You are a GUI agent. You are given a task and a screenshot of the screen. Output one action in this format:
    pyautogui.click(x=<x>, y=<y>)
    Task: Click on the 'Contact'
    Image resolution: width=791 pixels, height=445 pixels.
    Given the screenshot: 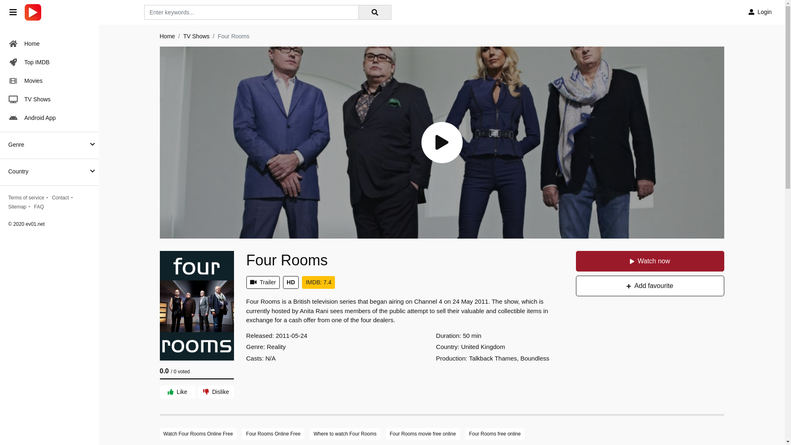 What is the action you would take?
    pyautogui.click(x=60, y=198)
    